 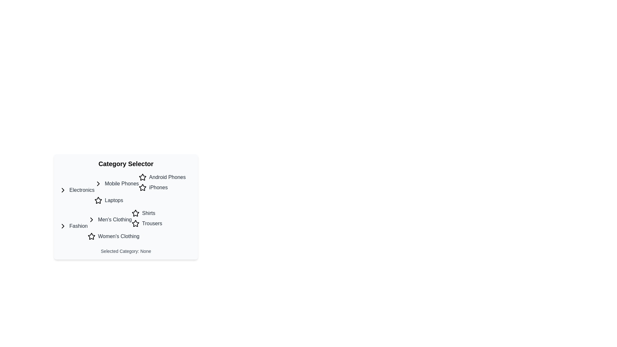 I want to click on the star icon located to the right of the 'Laptops' text in the 'Electronics' section, so click(x=98, y=200).